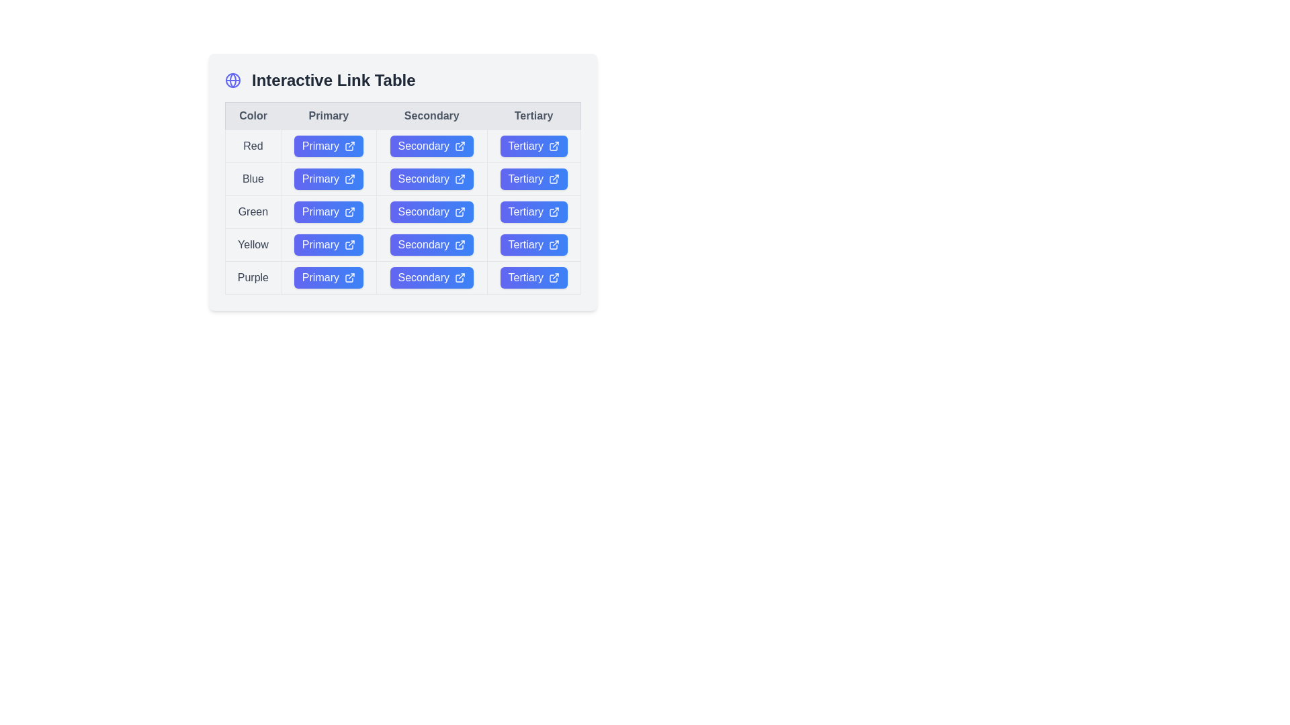 The width and height of the screenshot is (1290, 725). I want to click on the 'Secondary' text label, which categorizes entries in a table and is the third element among 'Color', 'Primary', 'Secondary', and 'Tertiary', so click(431, 115).